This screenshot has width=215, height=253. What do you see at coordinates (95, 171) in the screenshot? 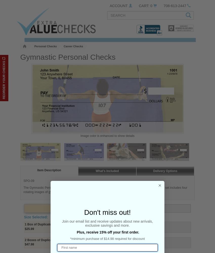
I see `'What's Included'` at bounding box center [95, 171].